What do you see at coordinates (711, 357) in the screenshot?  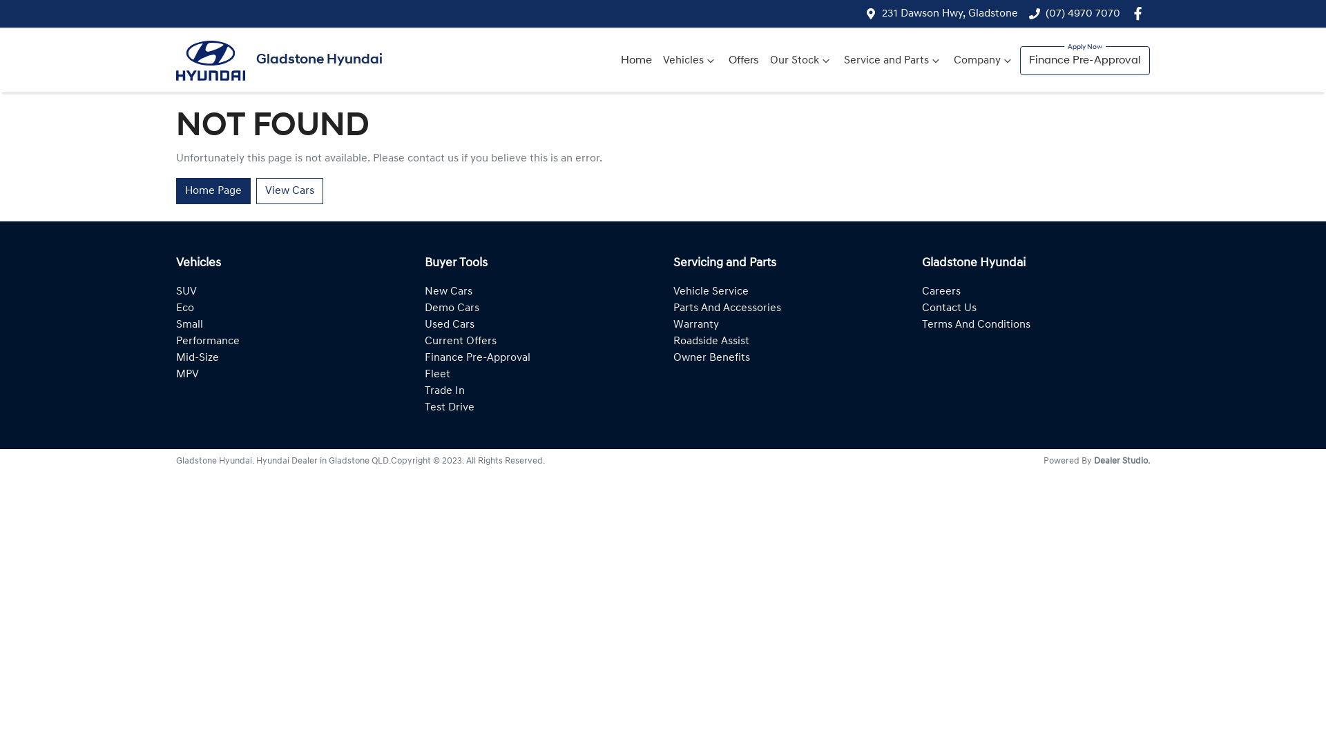 I see `'Owner Benefits'` at bounding box center [711, 357].